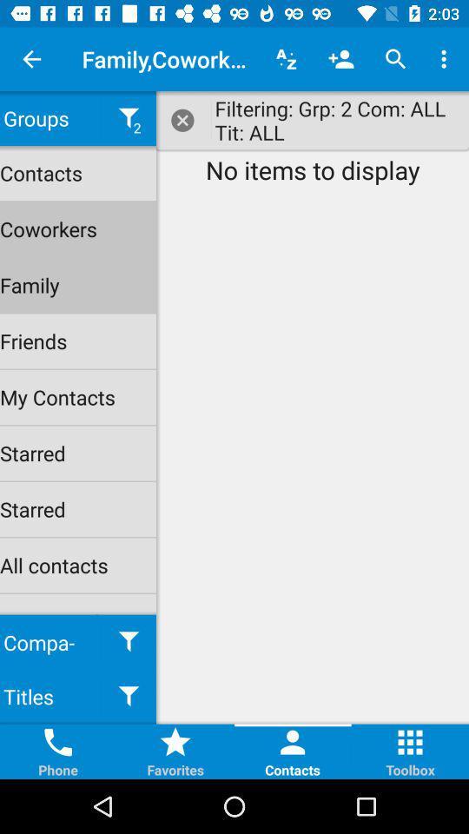  Describe the element at coordinates (128, 697) in the screenshot. I see `the filter icon` at that location.